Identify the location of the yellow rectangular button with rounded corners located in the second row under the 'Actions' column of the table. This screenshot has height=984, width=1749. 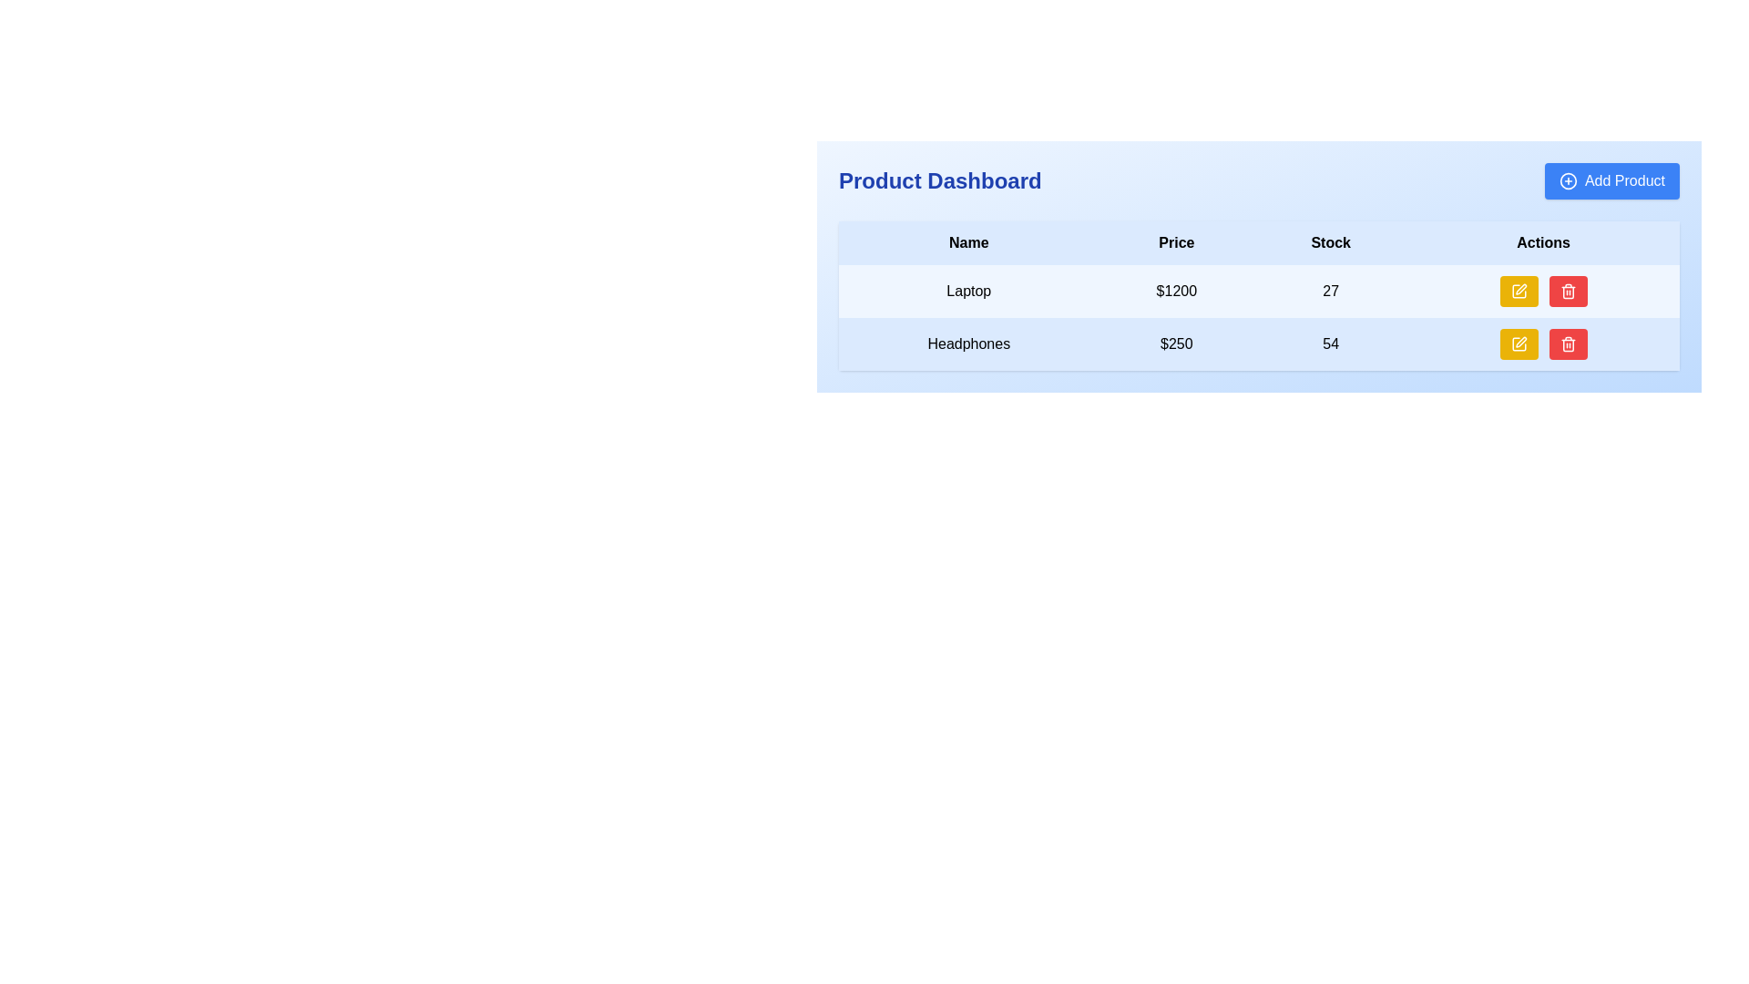
(1519, 344).